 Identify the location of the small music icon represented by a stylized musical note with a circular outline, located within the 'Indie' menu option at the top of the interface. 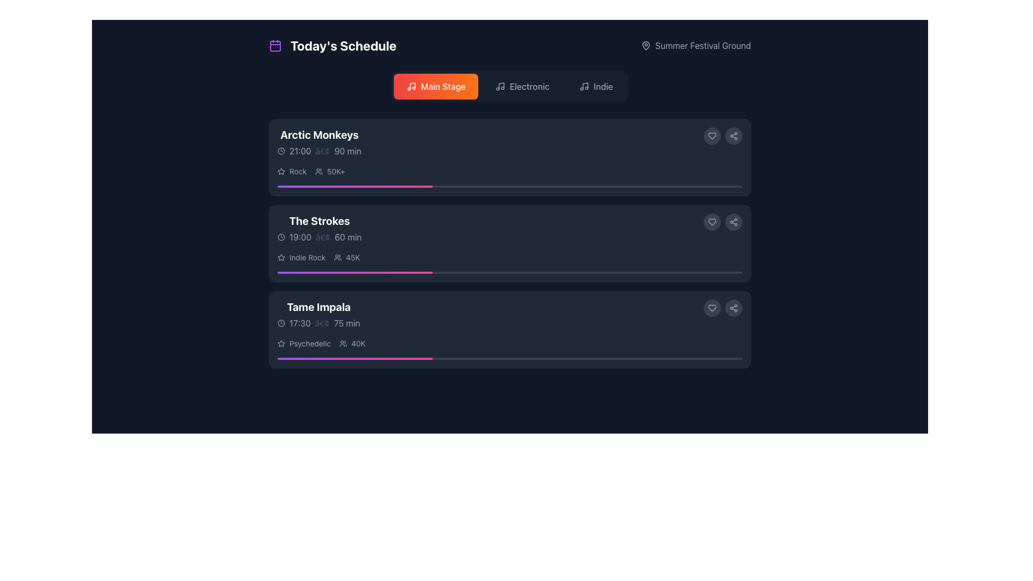
(584, 86).